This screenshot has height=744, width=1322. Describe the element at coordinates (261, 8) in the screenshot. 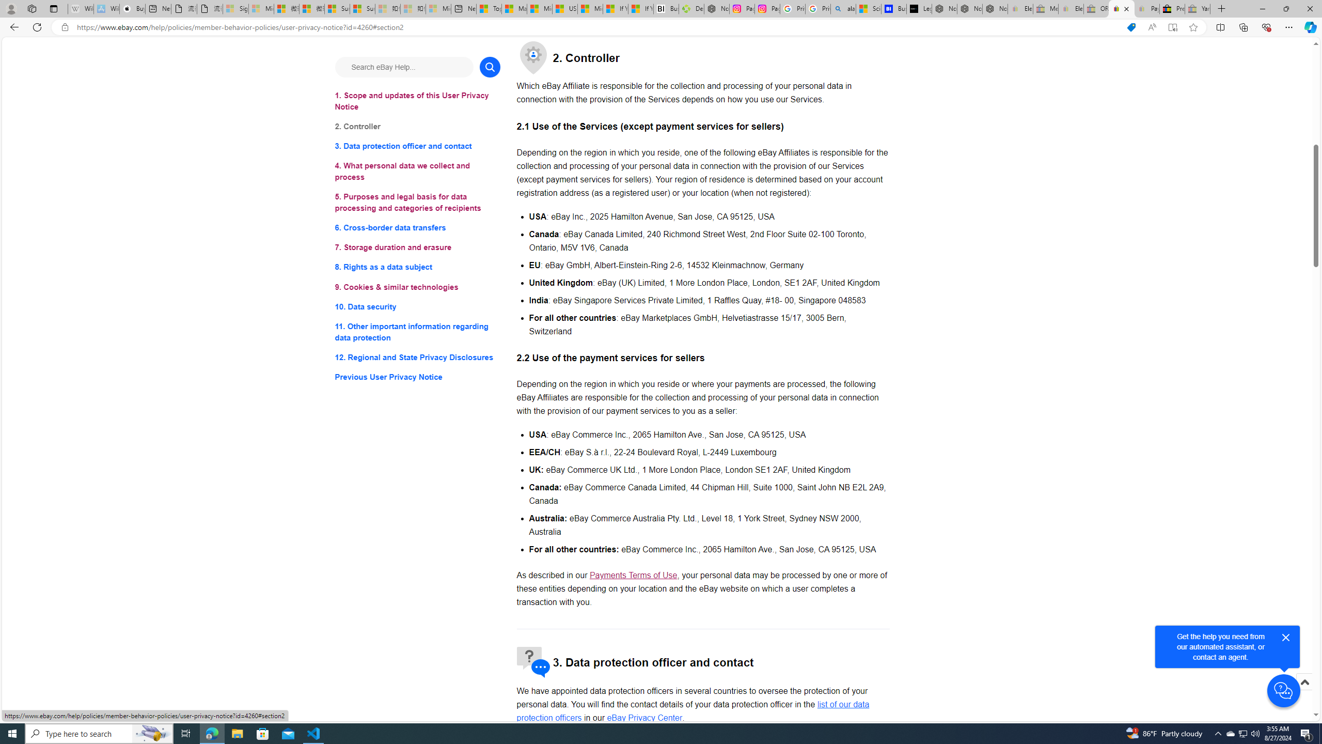

I see `'Microsoft Services Agreement - Sleeping'` at that location.